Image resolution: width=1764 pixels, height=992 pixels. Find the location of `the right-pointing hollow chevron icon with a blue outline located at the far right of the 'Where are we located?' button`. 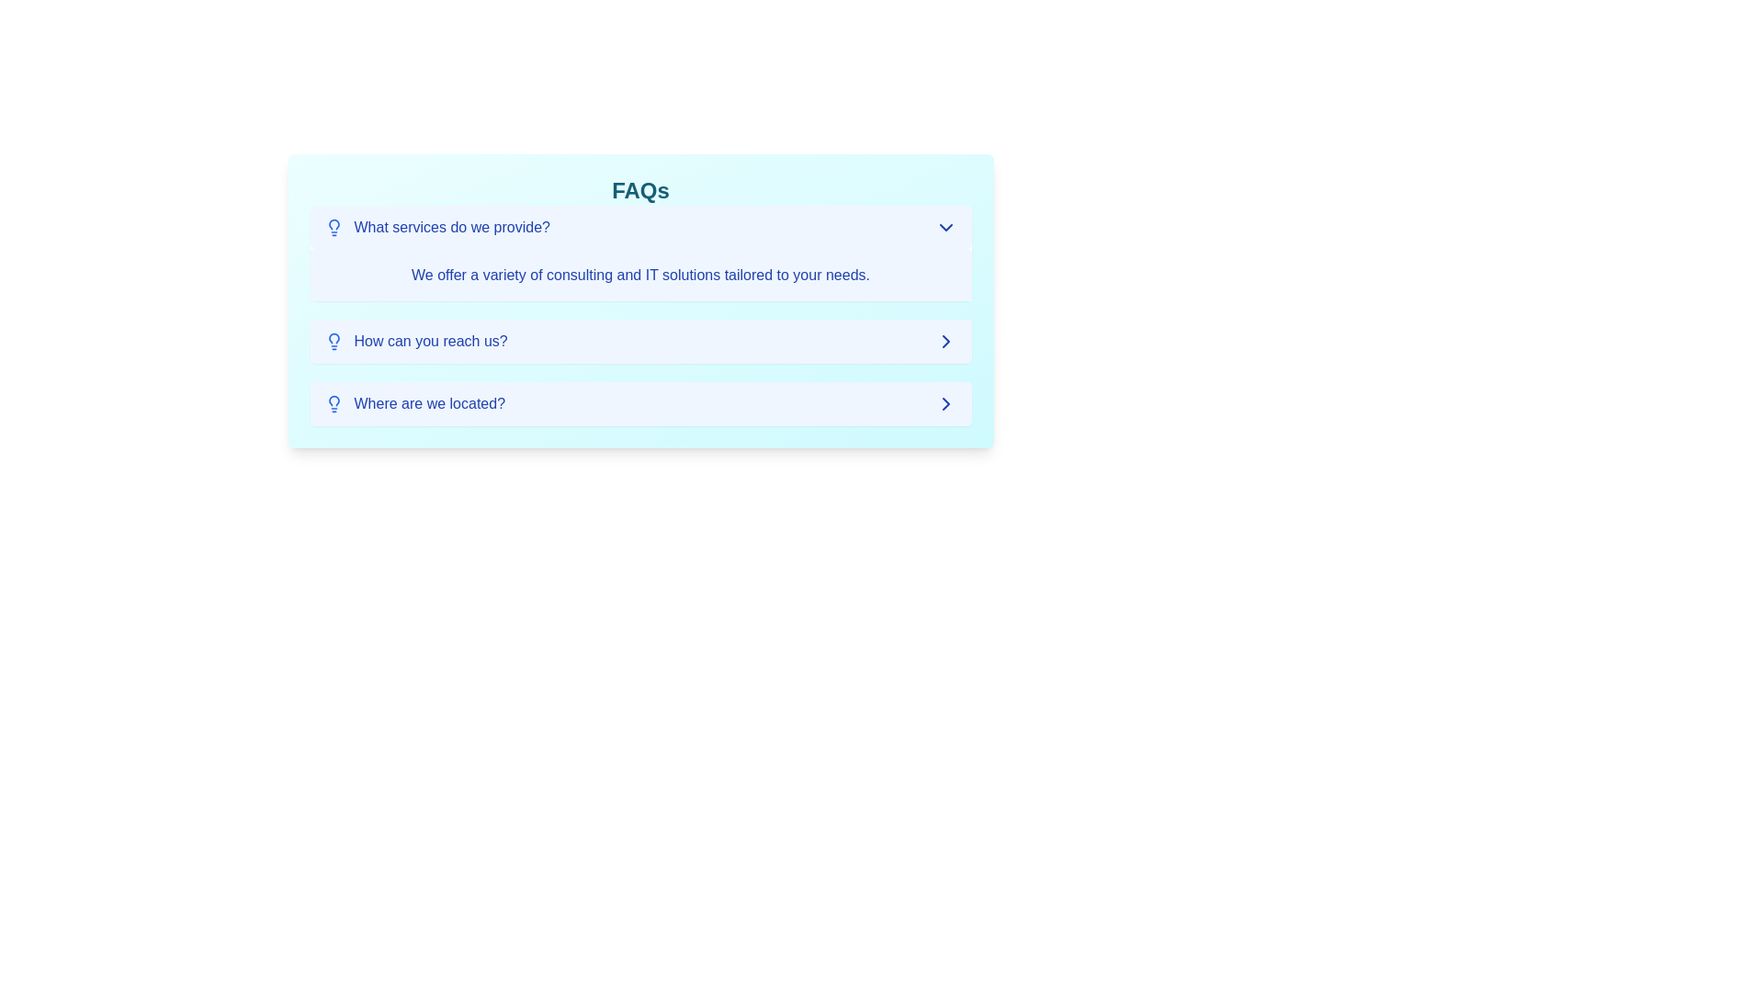

the right-pointing hollow chevron icon with a blue outline located at the far right of the 'Where are we located?' button is located at coordinates (945, 402).